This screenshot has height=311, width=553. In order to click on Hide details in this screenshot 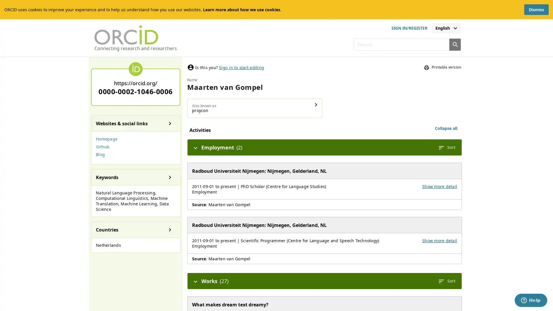, I will do `click(195, 280)`.